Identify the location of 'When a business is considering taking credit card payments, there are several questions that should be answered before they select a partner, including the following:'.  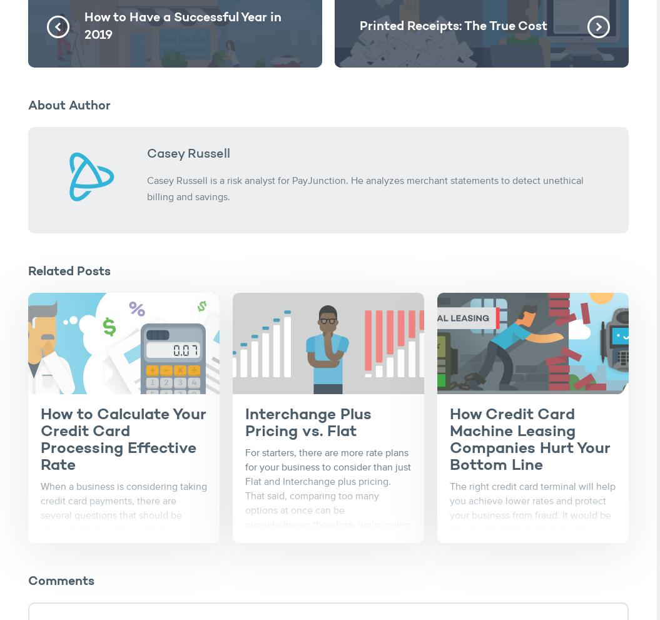
(123, 515).